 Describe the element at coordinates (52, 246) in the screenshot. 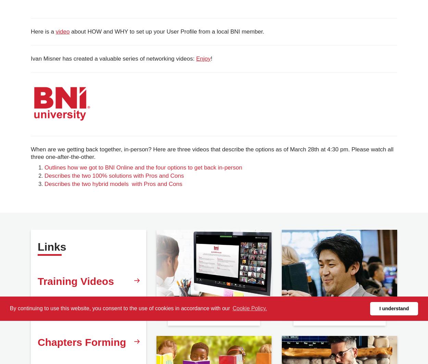

I see `'Links'` at that location.